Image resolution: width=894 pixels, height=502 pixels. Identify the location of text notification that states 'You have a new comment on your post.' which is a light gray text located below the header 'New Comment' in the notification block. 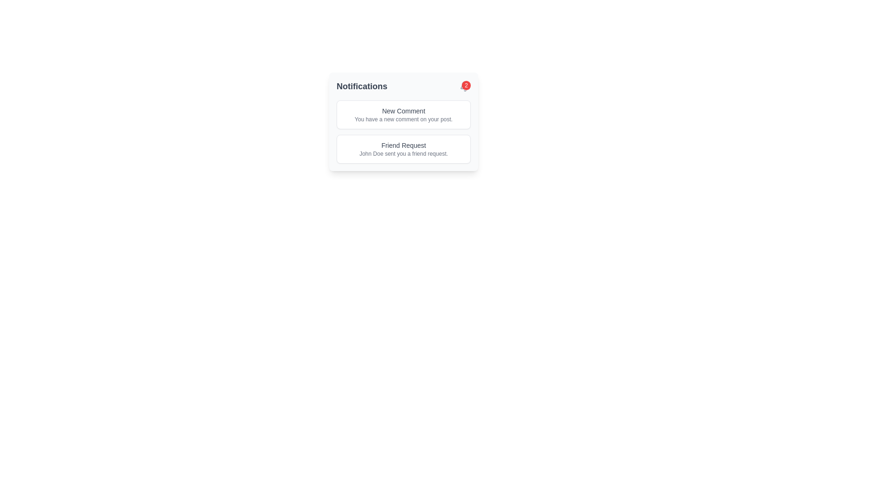
(404, 119).